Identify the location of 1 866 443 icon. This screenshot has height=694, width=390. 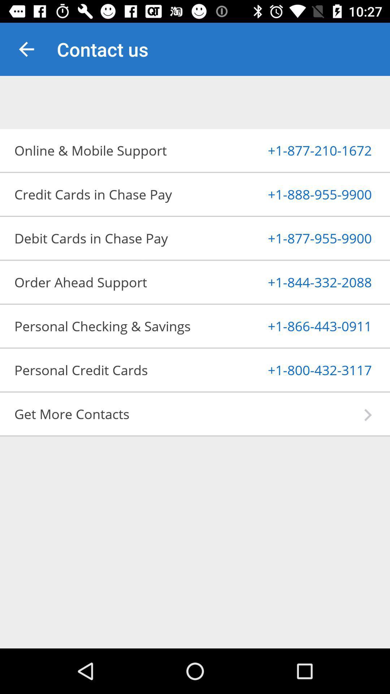
(302, 326).